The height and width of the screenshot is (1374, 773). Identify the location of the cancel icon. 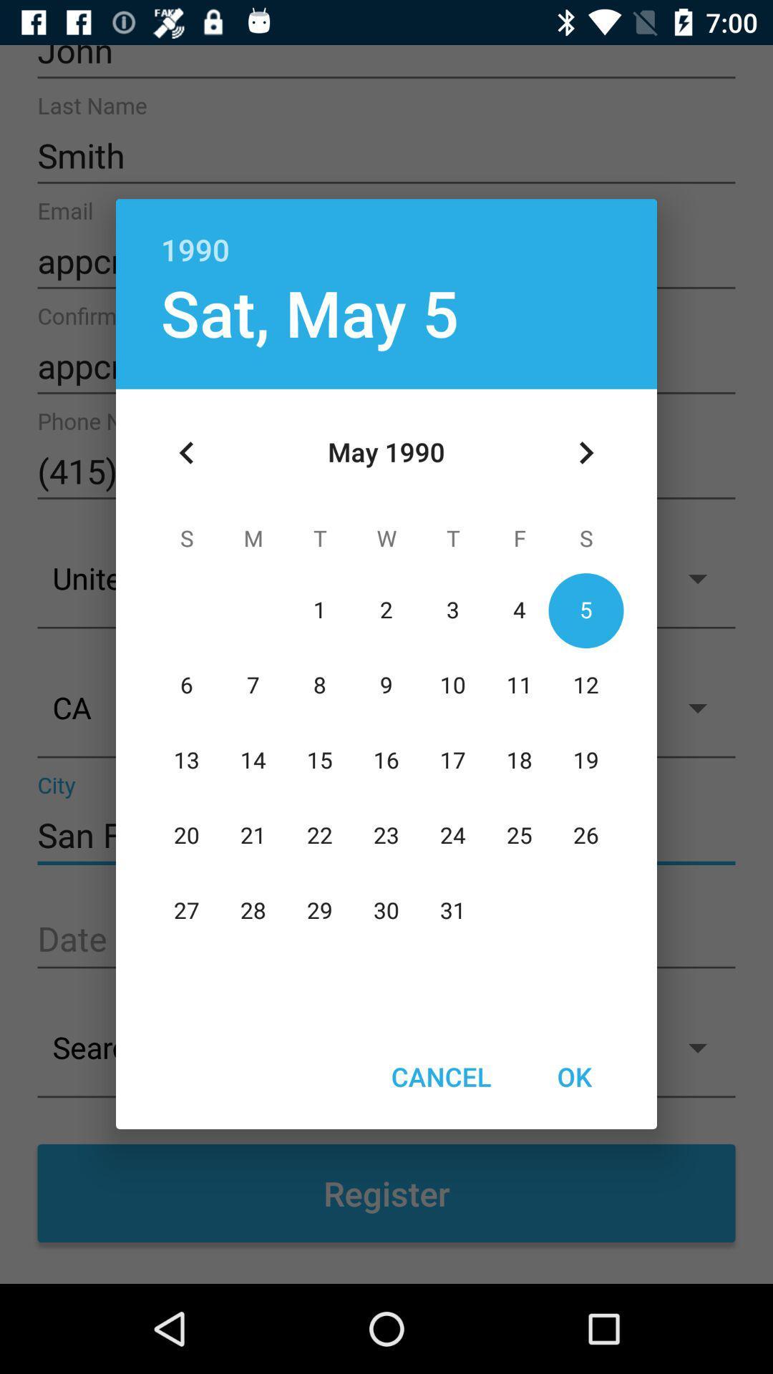
(440, 1076).